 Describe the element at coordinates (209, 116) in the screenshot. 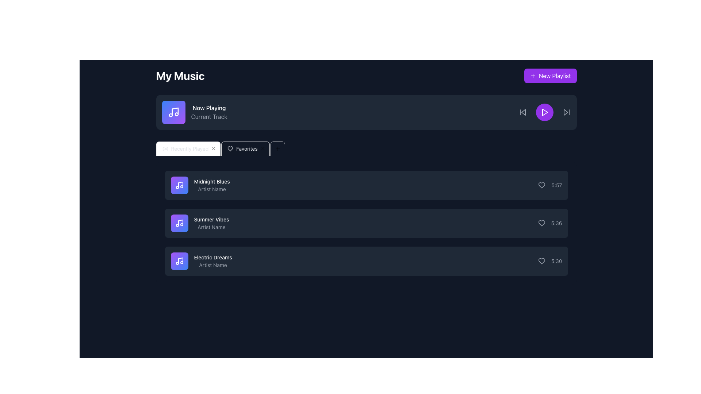

I see `the informational Text Label indicating the current track being played, located in the 'Now Playing' section` at that location.